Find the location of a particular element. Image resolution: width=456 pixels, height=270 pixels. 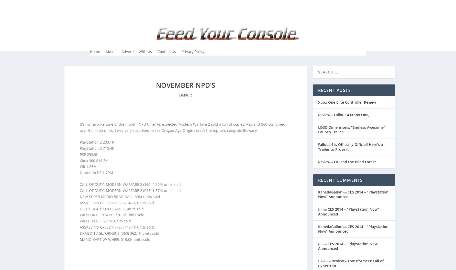

'Review – Transformers: Fall of Cybertron' is located at coordinates (318, 263).